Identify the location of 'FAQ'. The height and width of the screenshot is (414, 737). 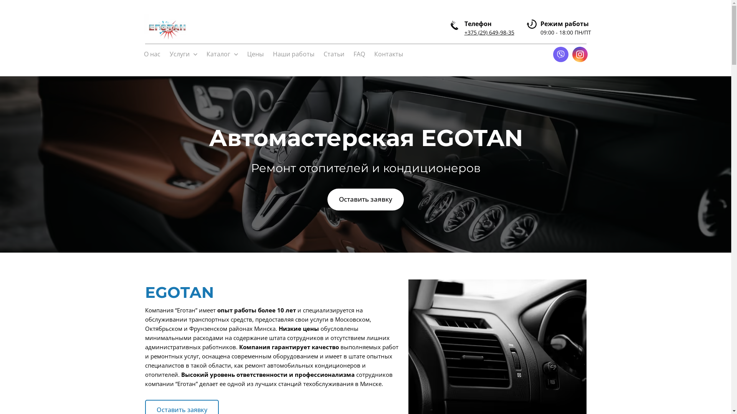
(359, 54).